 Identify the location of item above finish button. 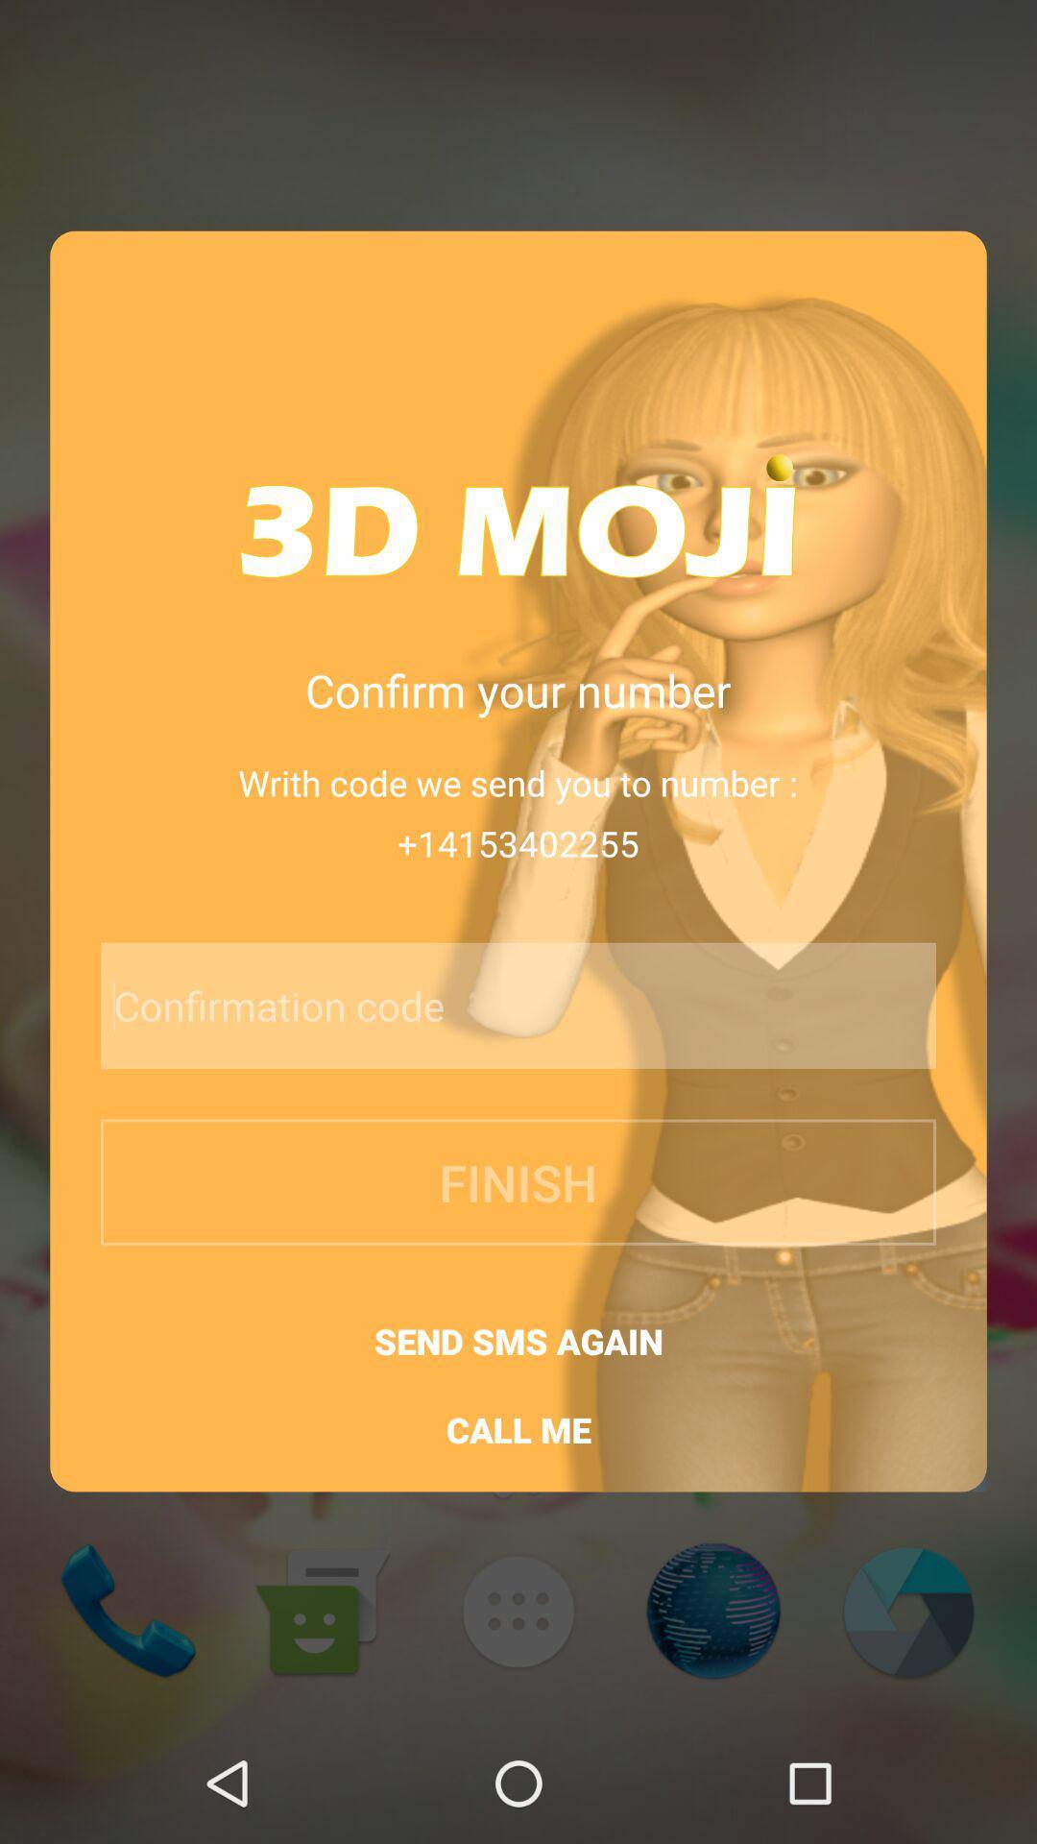
(468, 1005).